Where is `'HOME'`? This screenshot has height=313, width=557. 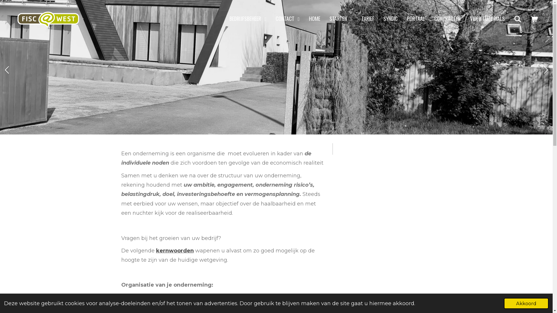
'HOME' is located at coordinates (314, 18).